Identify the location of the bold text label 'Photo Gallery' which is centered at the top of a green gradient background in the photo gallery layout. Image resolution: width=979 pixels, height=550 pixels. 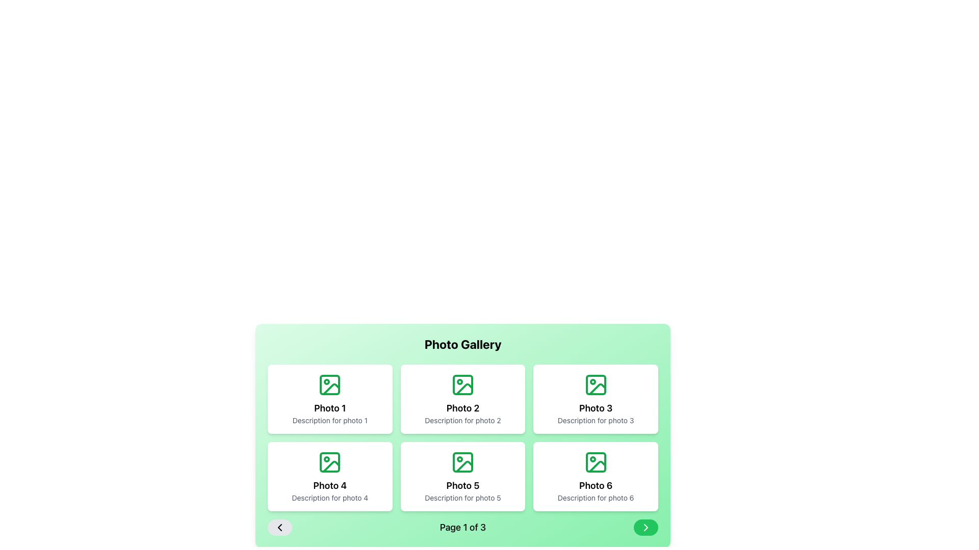
(462, 344).